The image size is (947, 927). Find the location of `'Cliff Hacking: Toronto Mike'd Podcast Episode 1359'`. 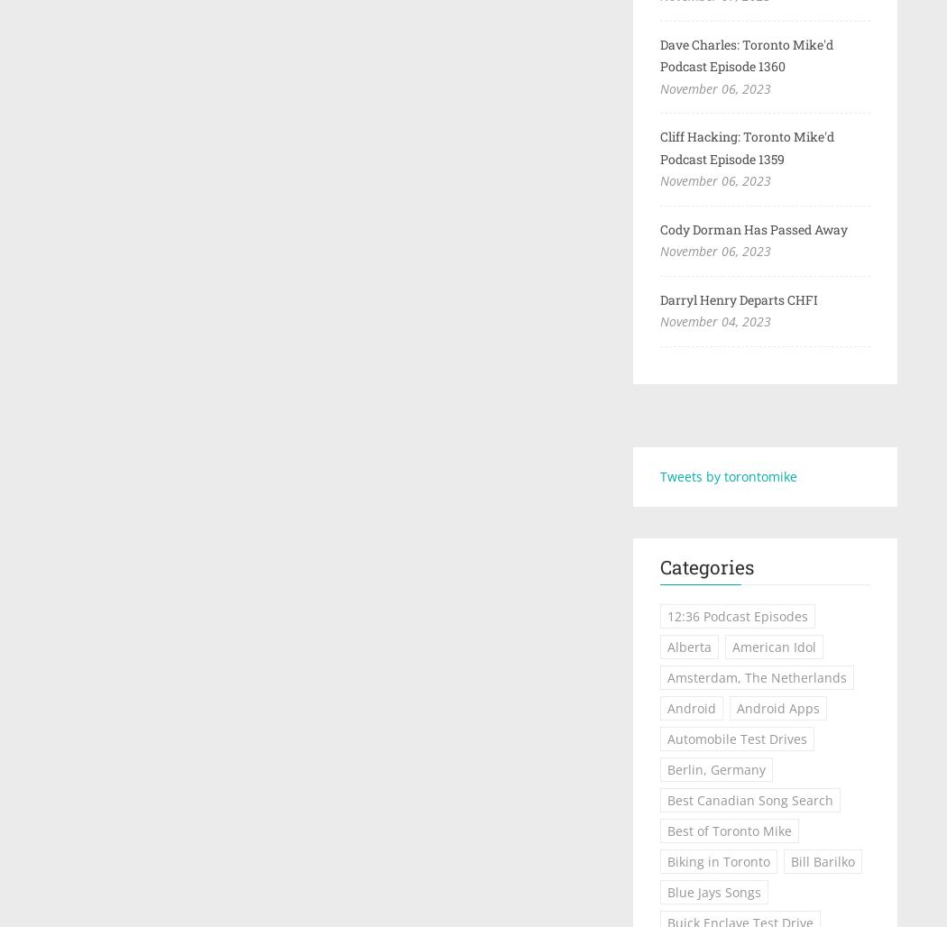

'Cliff Hacking: Toronto Mike'd Podcast Episode 1359' is located at coordinates (746, 147).